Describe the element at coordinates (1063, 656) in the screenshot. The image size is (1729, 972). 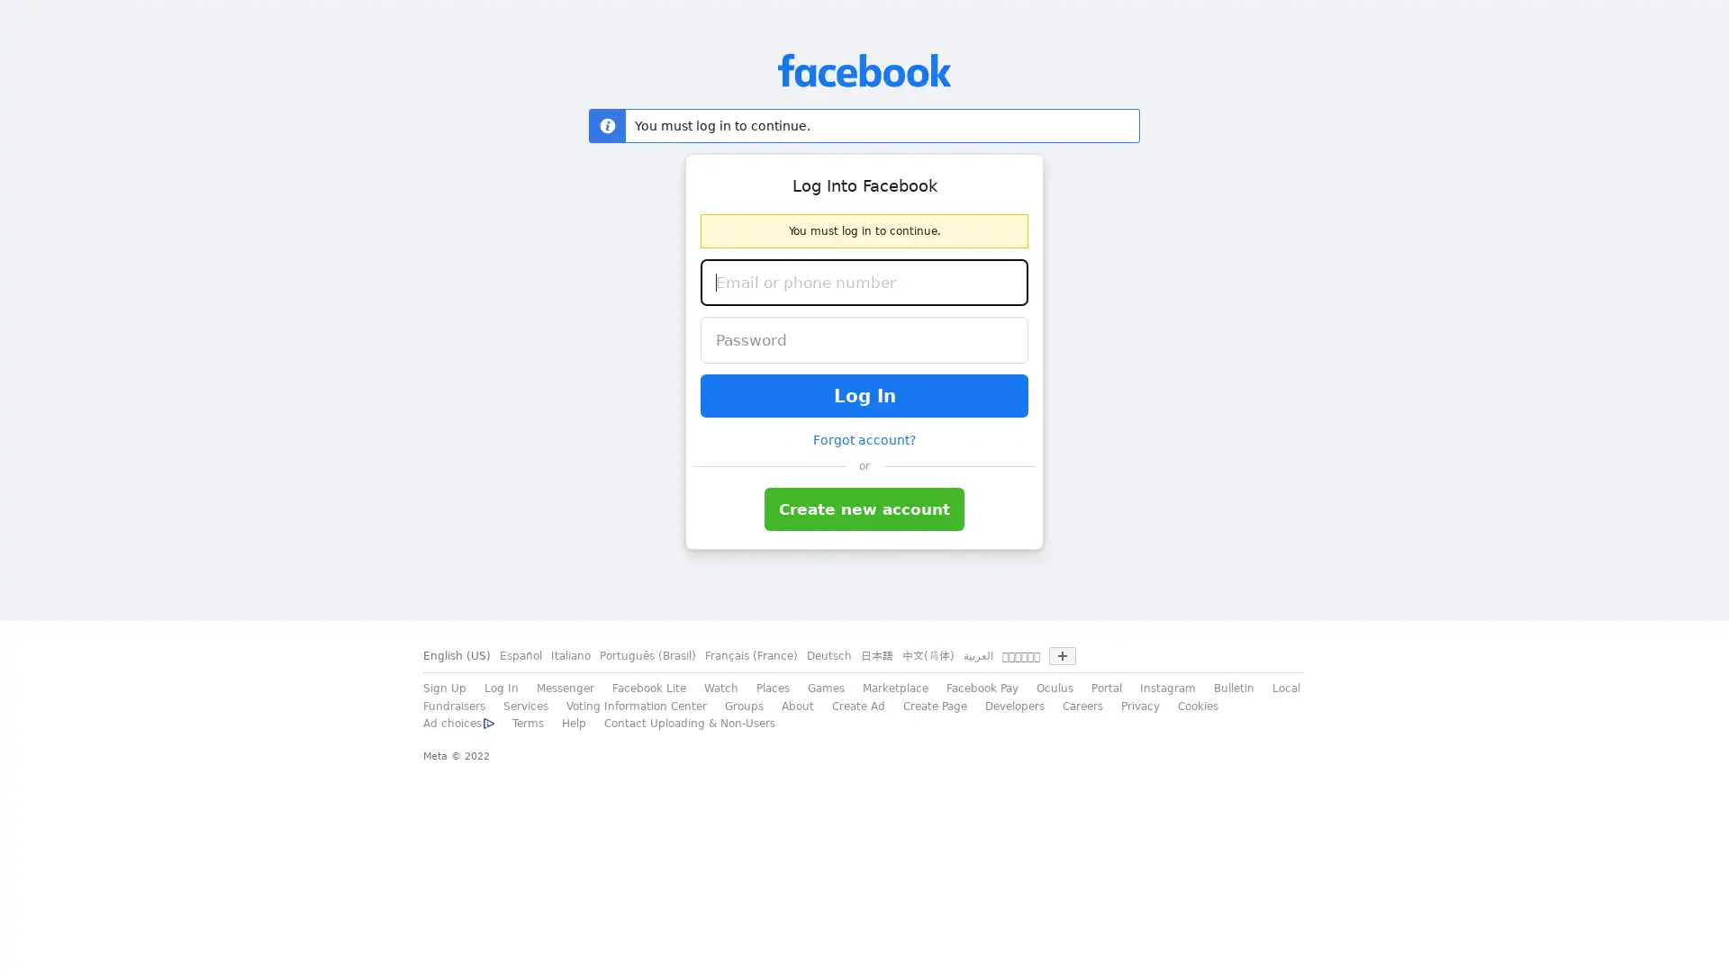
I see `Show more languages` at that location.